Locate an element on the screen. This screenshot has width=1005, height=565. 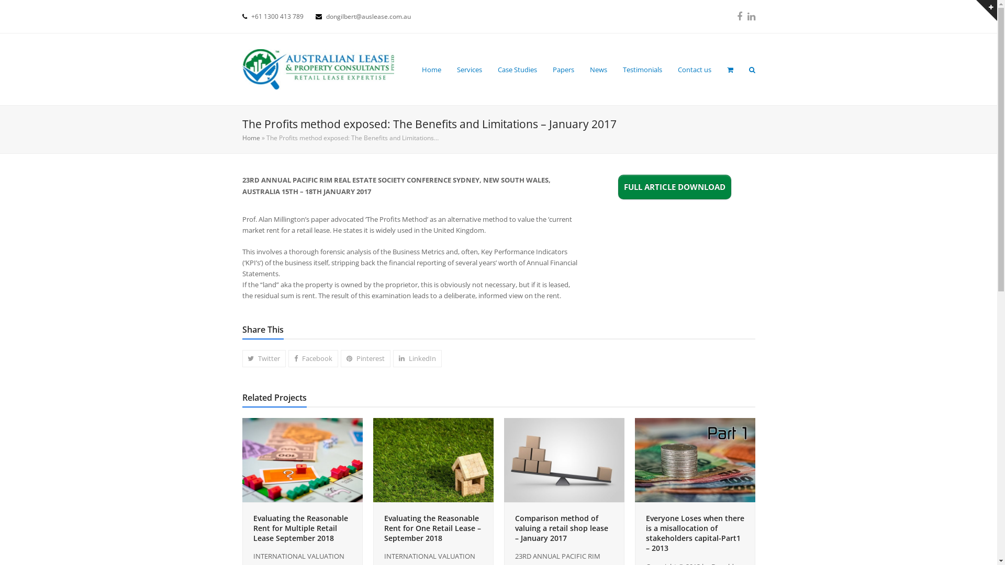
'News' is located at coordinates (598, 69).